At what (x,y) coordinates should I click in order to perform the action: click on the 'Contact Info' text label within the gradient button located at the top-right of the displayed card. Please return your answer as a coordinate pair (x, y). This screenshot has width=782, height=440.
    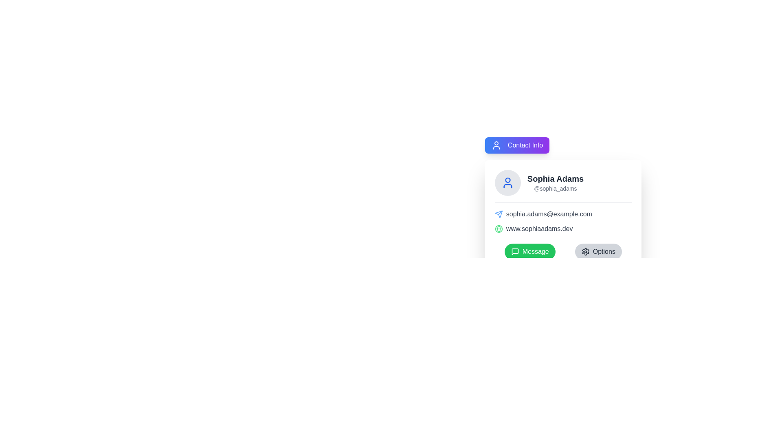
    Looking at the image, I should click on (525, 145).